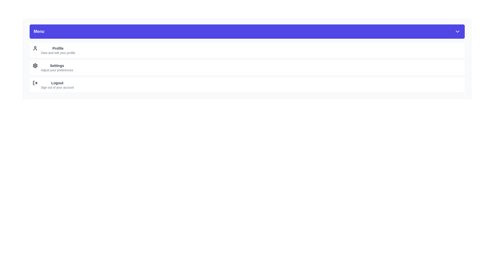 This screenshot has width=490, height=275. I want to click on the menu item labeled Logout to select it, so click(247, 85).